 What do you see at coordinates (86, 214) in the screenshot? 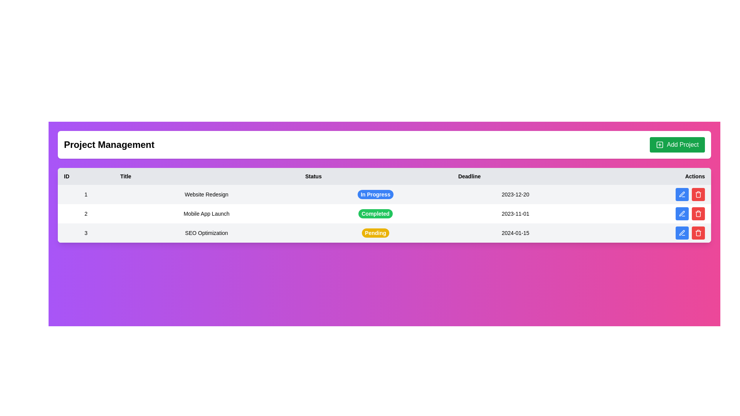
I see `the static text label that serves as an index for the second row of the table under the 'ID' column` at bounding box center [86, 214].